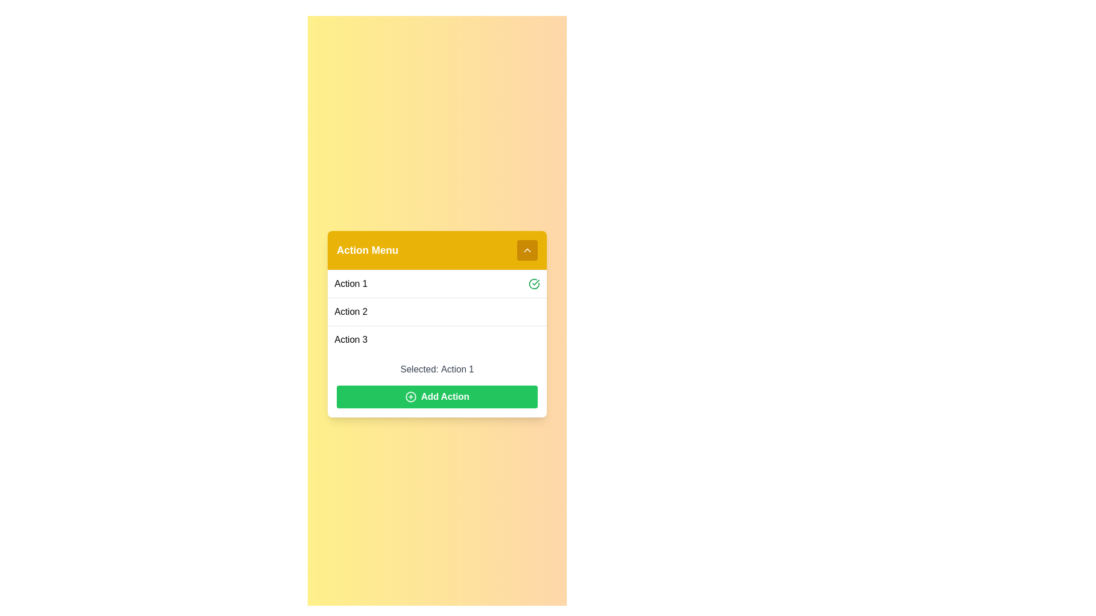 The width and height of the screenshot is (1096, 616). I want to click on the visual indicator icon located at the rightmost part of the row labeled 'Action 1' in the Action Menu, which signifies that Action 1 is selected or marked as complete, so click(534, 283).